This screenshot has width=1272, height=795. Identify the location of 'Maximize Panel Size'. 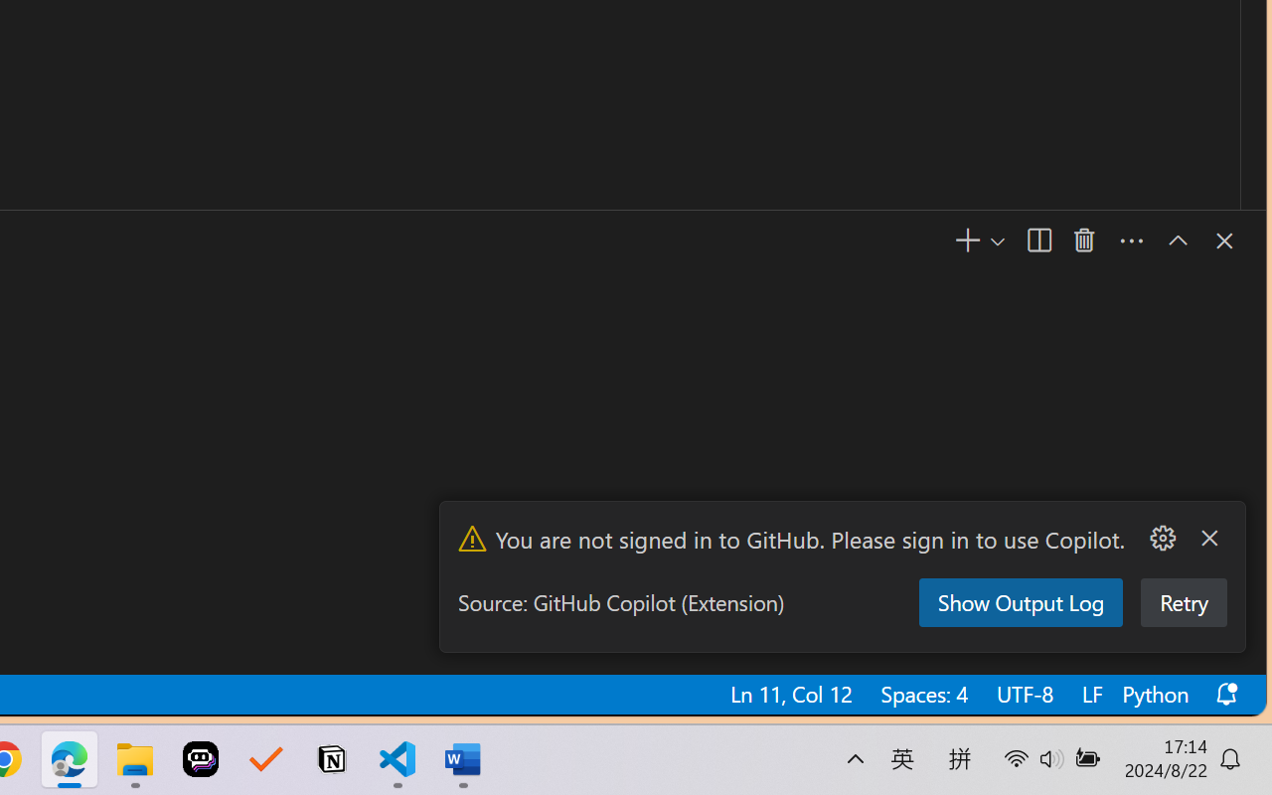
(1177, 239).